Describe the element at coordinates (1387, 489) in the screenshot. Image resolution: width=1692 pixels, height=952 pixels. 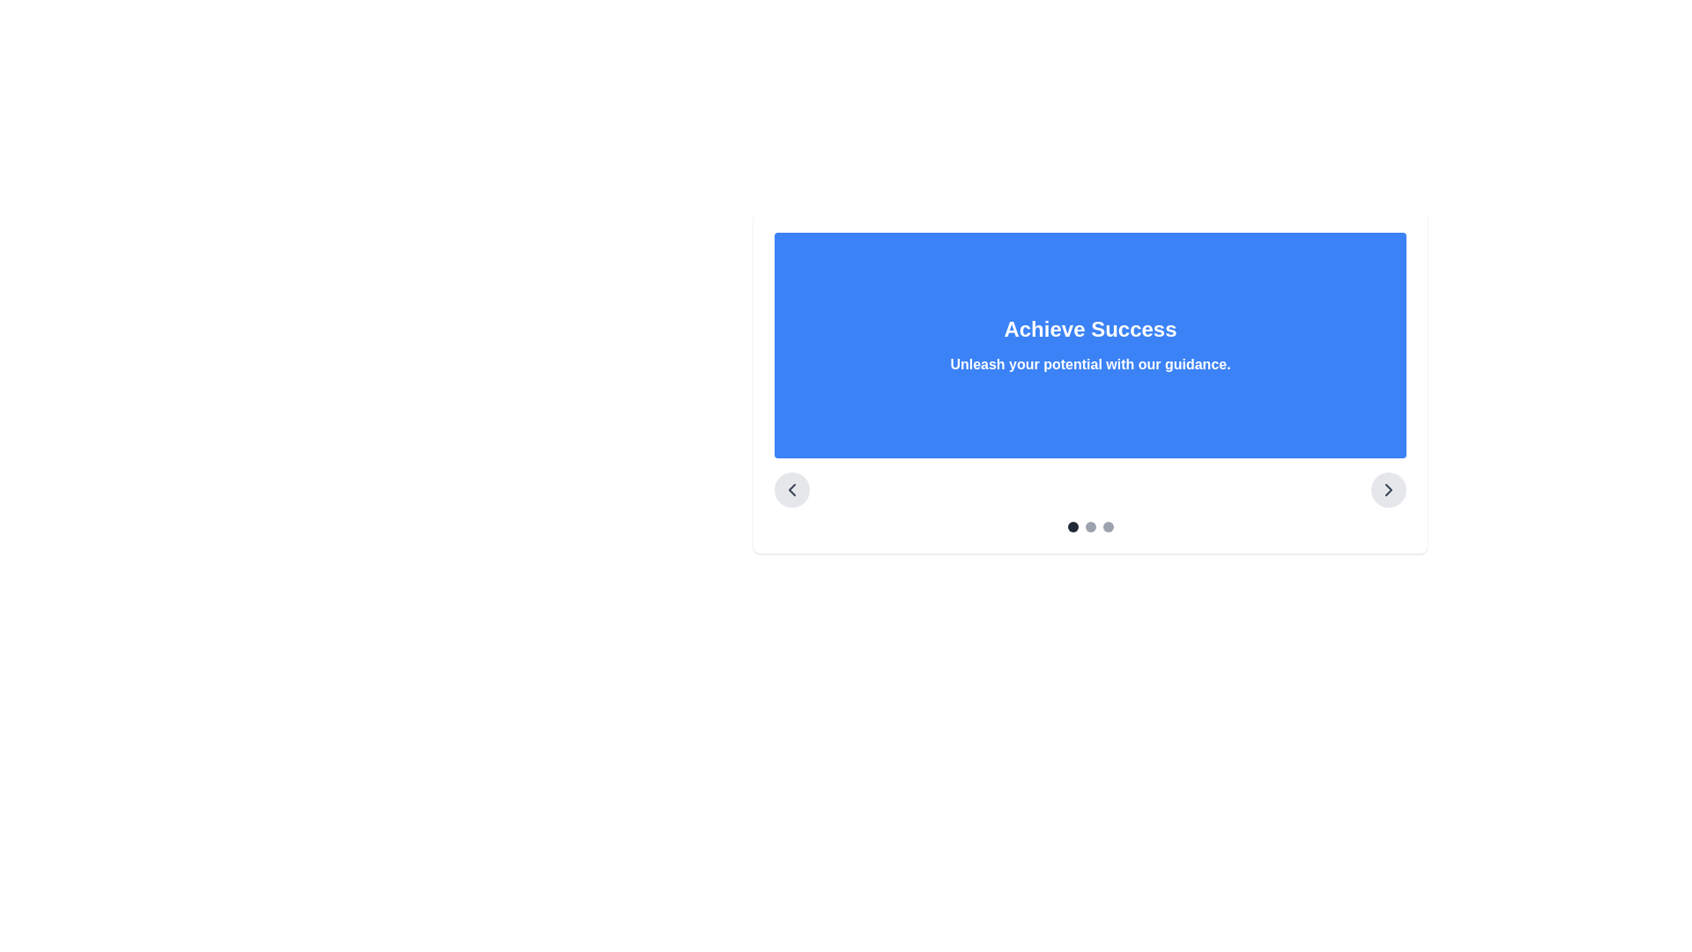
I see `the small right-pointing chevron icon, which is part of a circular button located at the bottom-right edge of the blue banner area, to trigger visual feedback` at that location.